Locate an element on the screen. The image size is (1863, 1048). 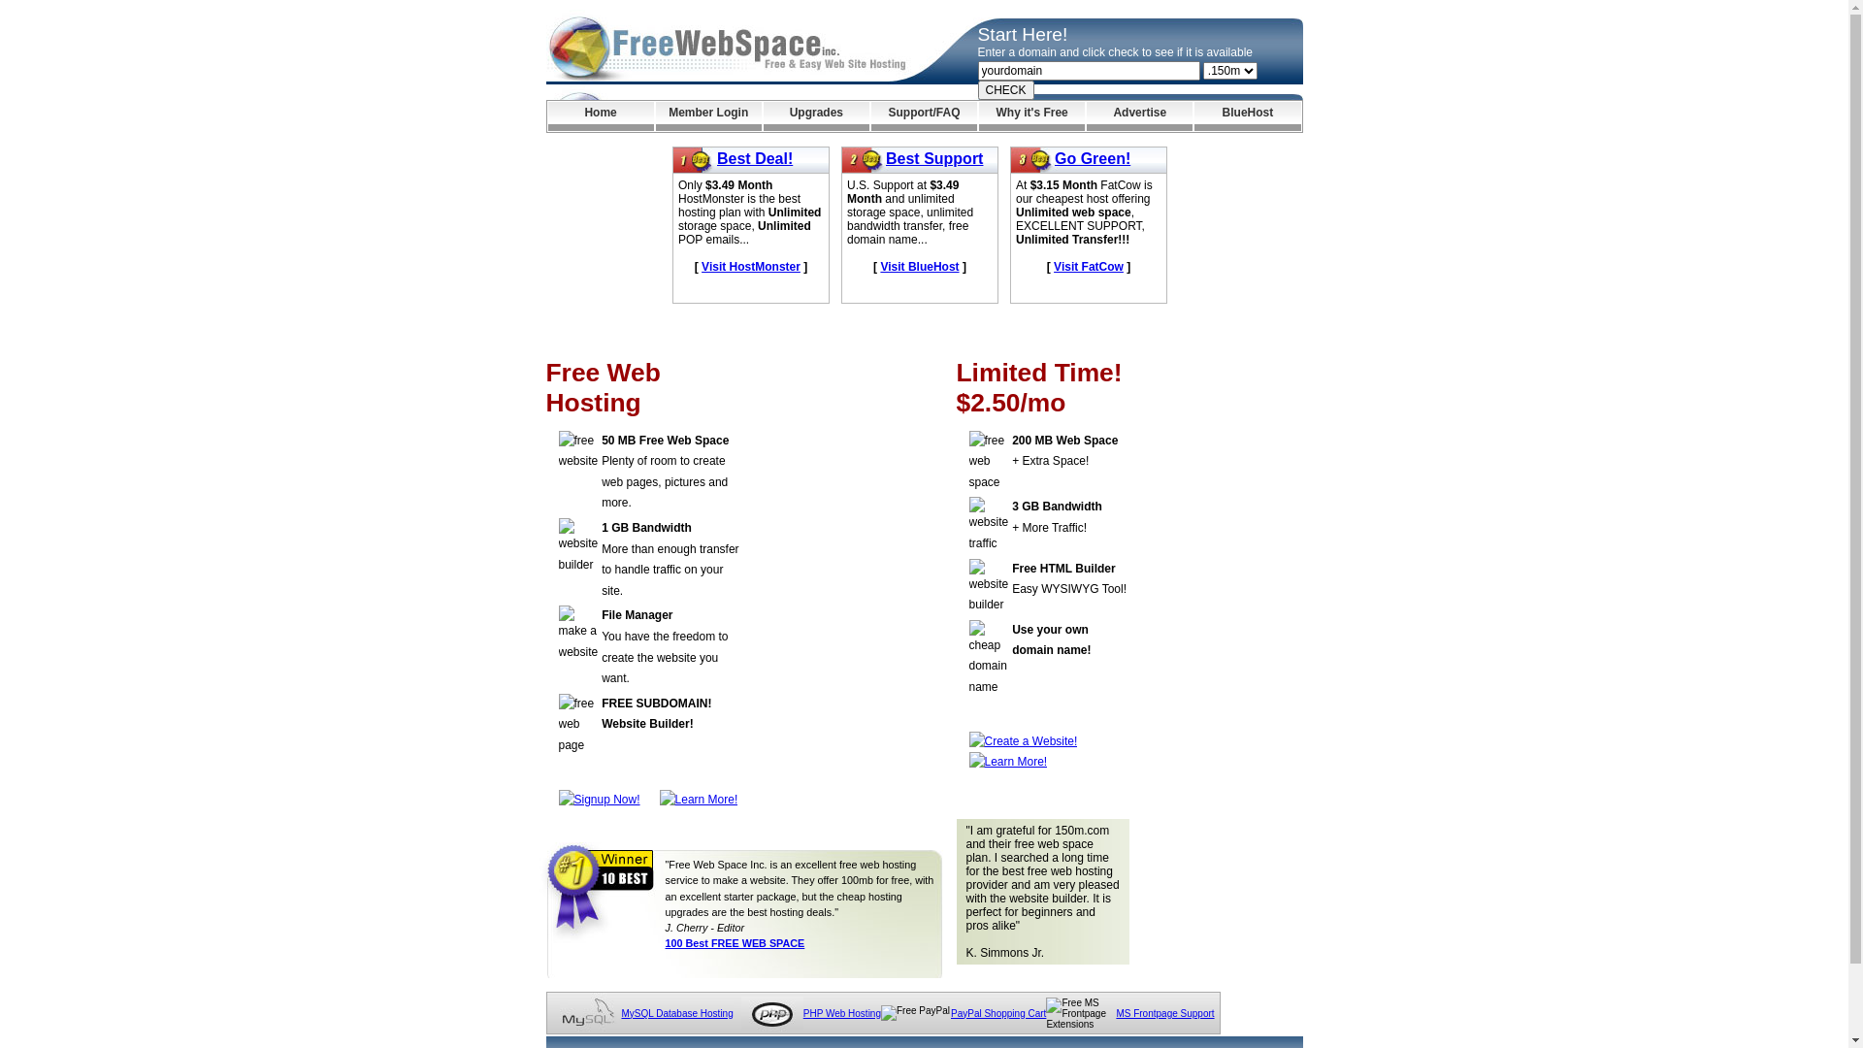
'Home' is located at coordinates (599, 115).